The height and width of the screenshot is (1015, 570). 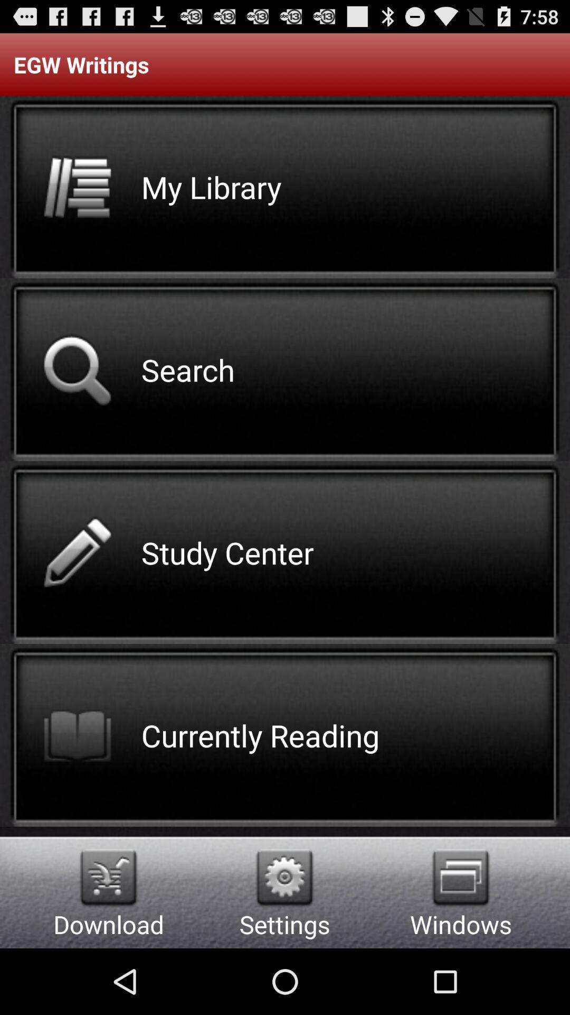 What do you see at coordinates (284, 878) in the screenshot?
I see `app below currently reading app` at bounding box center [284, 878].